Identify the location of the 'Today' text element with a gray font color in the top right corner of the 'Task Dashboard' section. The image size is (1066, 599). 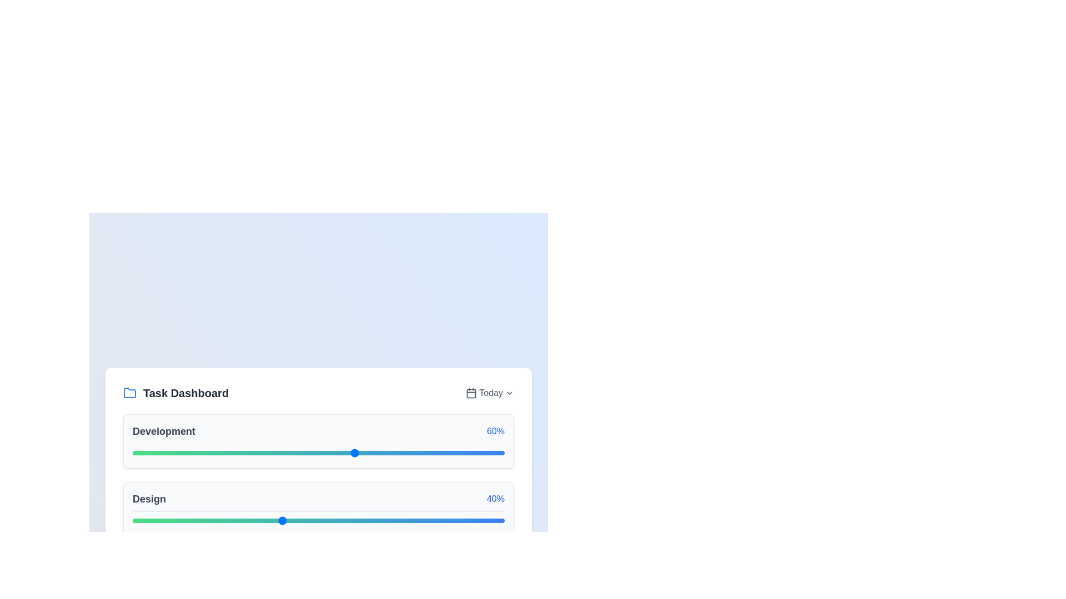
(489, 393).